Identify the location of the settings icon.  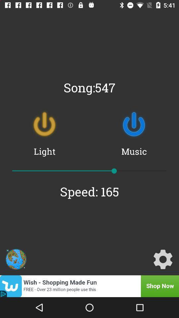
(162, 259).